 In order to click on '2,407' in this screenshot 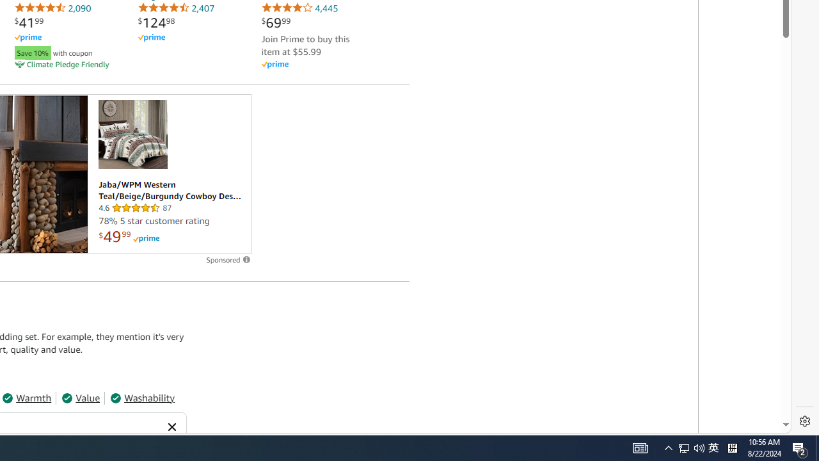, I will do `click(175, 8)`.